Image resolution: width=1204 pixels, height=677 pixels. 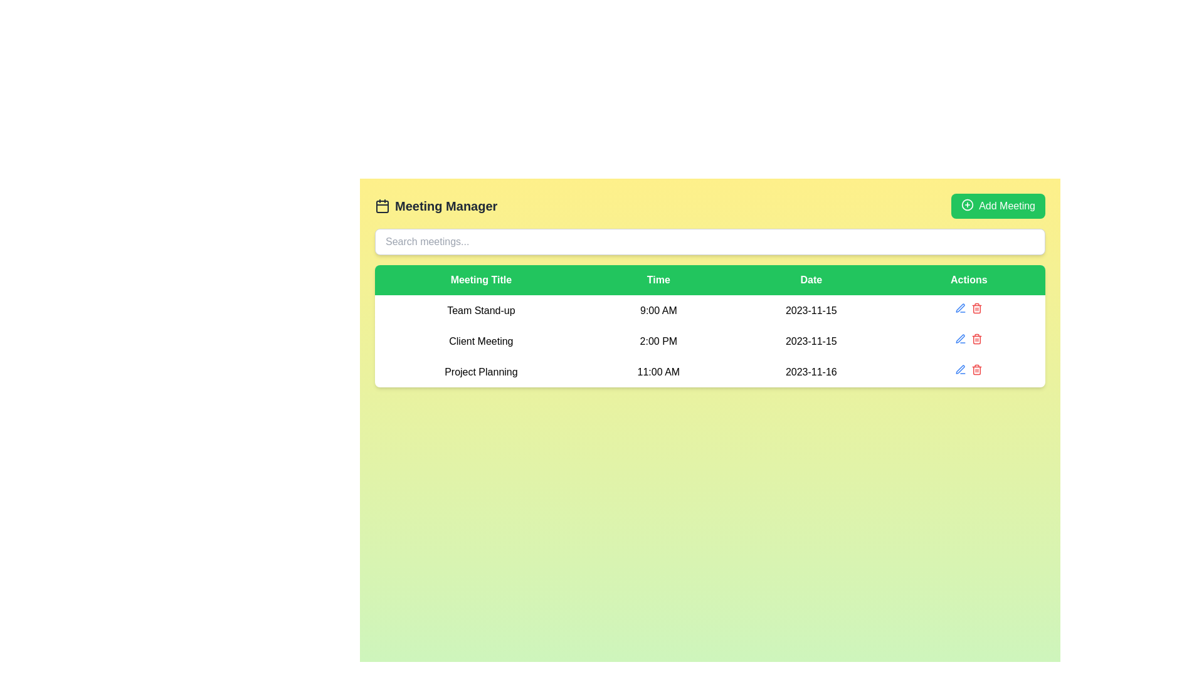 I want to click on displayed date from the static text label showing '2023-11-15', which is located in the 'Date' column of the second row related to the 'Client Meeting' entry, so click(x=811, y=341).